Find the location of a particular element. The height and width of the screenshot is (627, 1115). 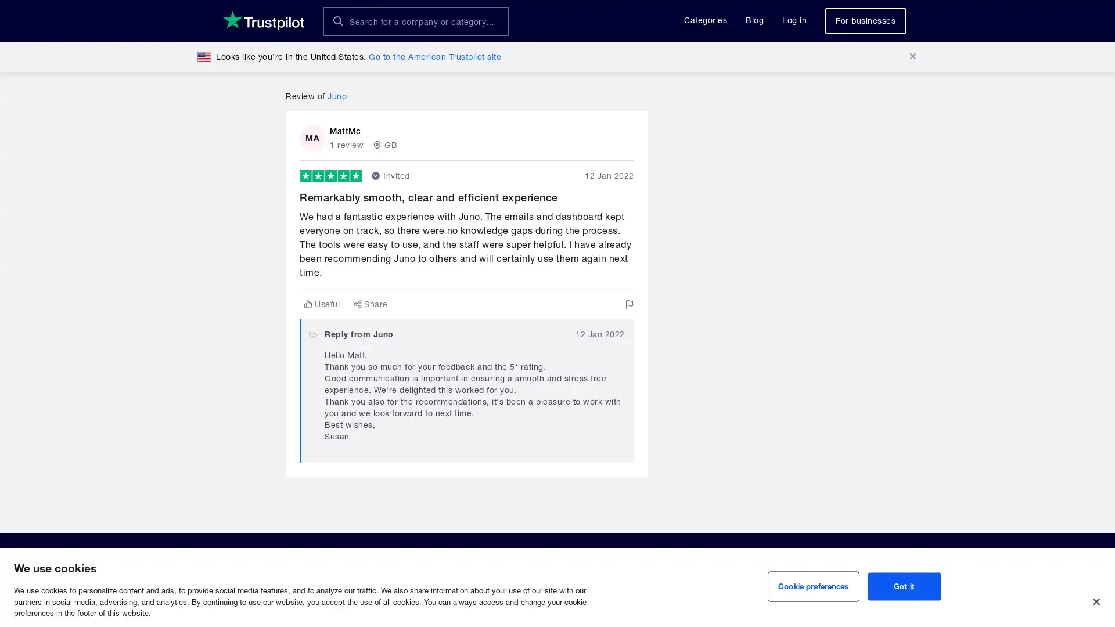

Dismiss is located at coordinates (912, 56).